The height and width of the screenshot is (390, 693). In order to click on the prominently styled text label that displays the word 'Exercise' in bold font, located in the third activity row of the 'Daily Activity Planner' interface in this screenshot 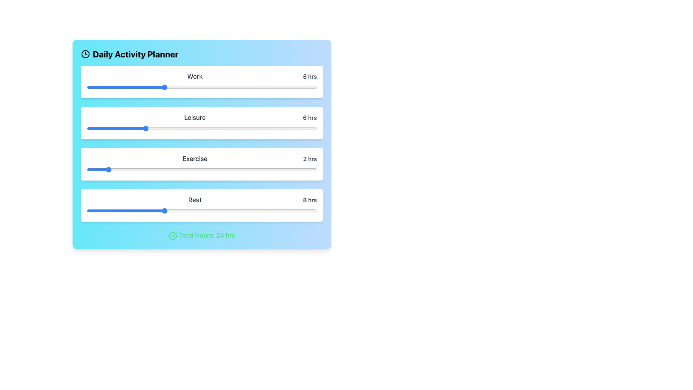, I will do `click(195, 158)`.